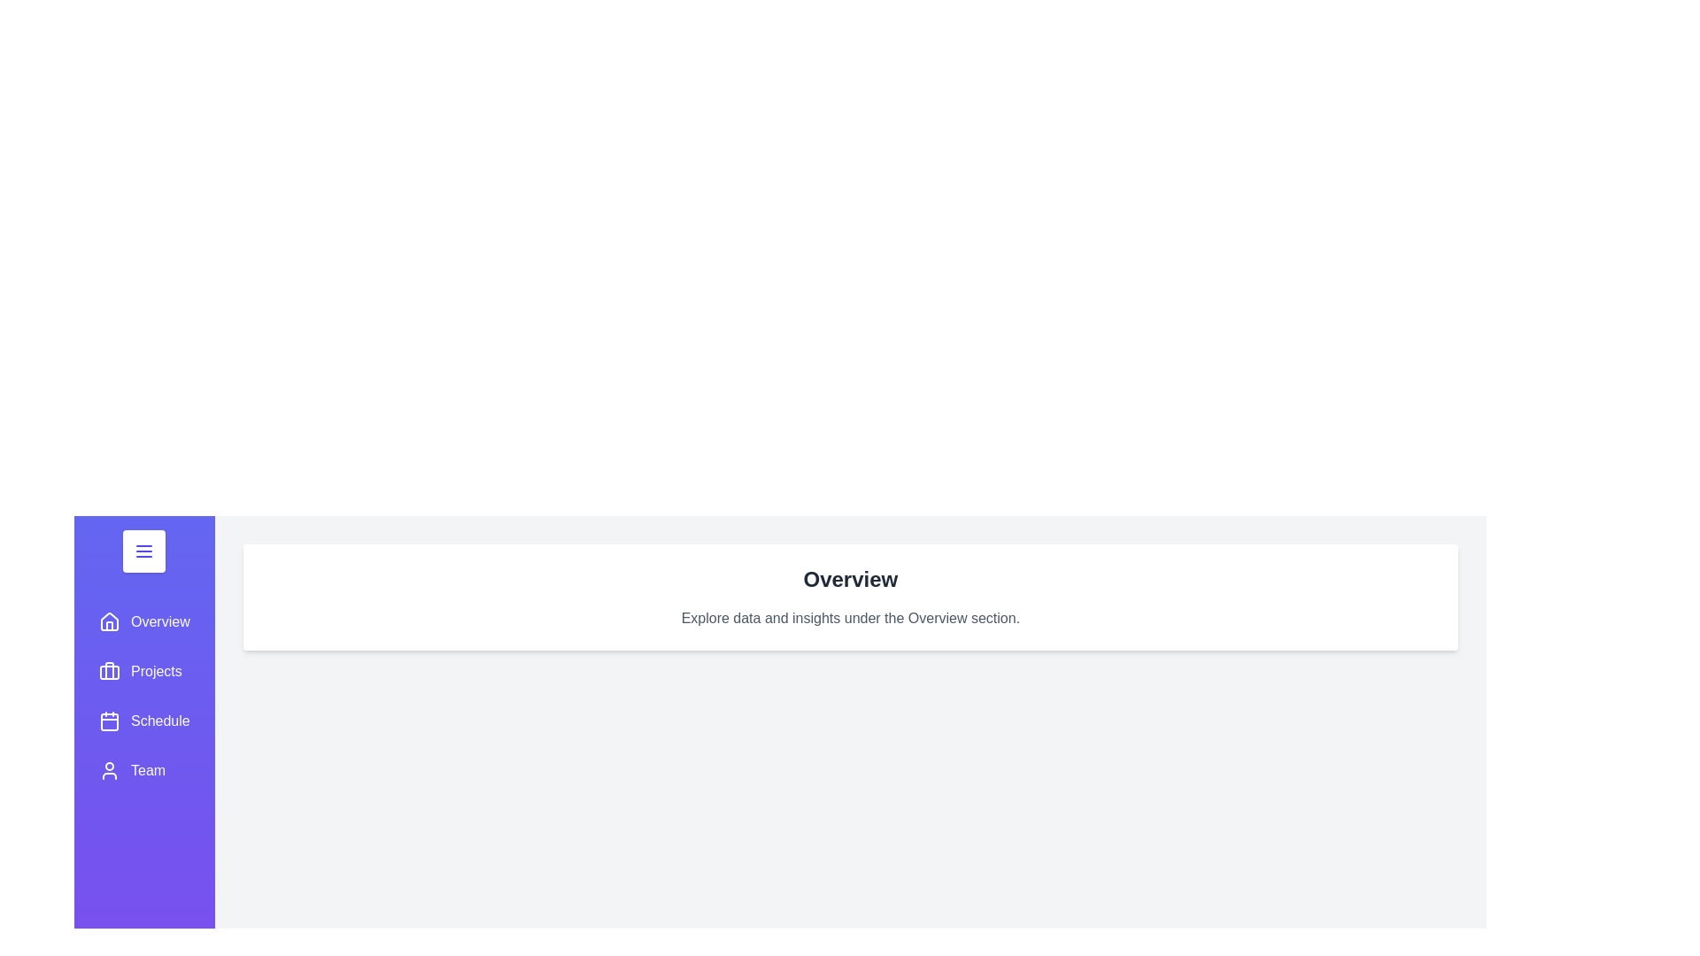 The image size is (1700, 956). Describe the element at coordinates (144, 721) in the screenshot. I see `the section Schedule from the sidebar` at that location.